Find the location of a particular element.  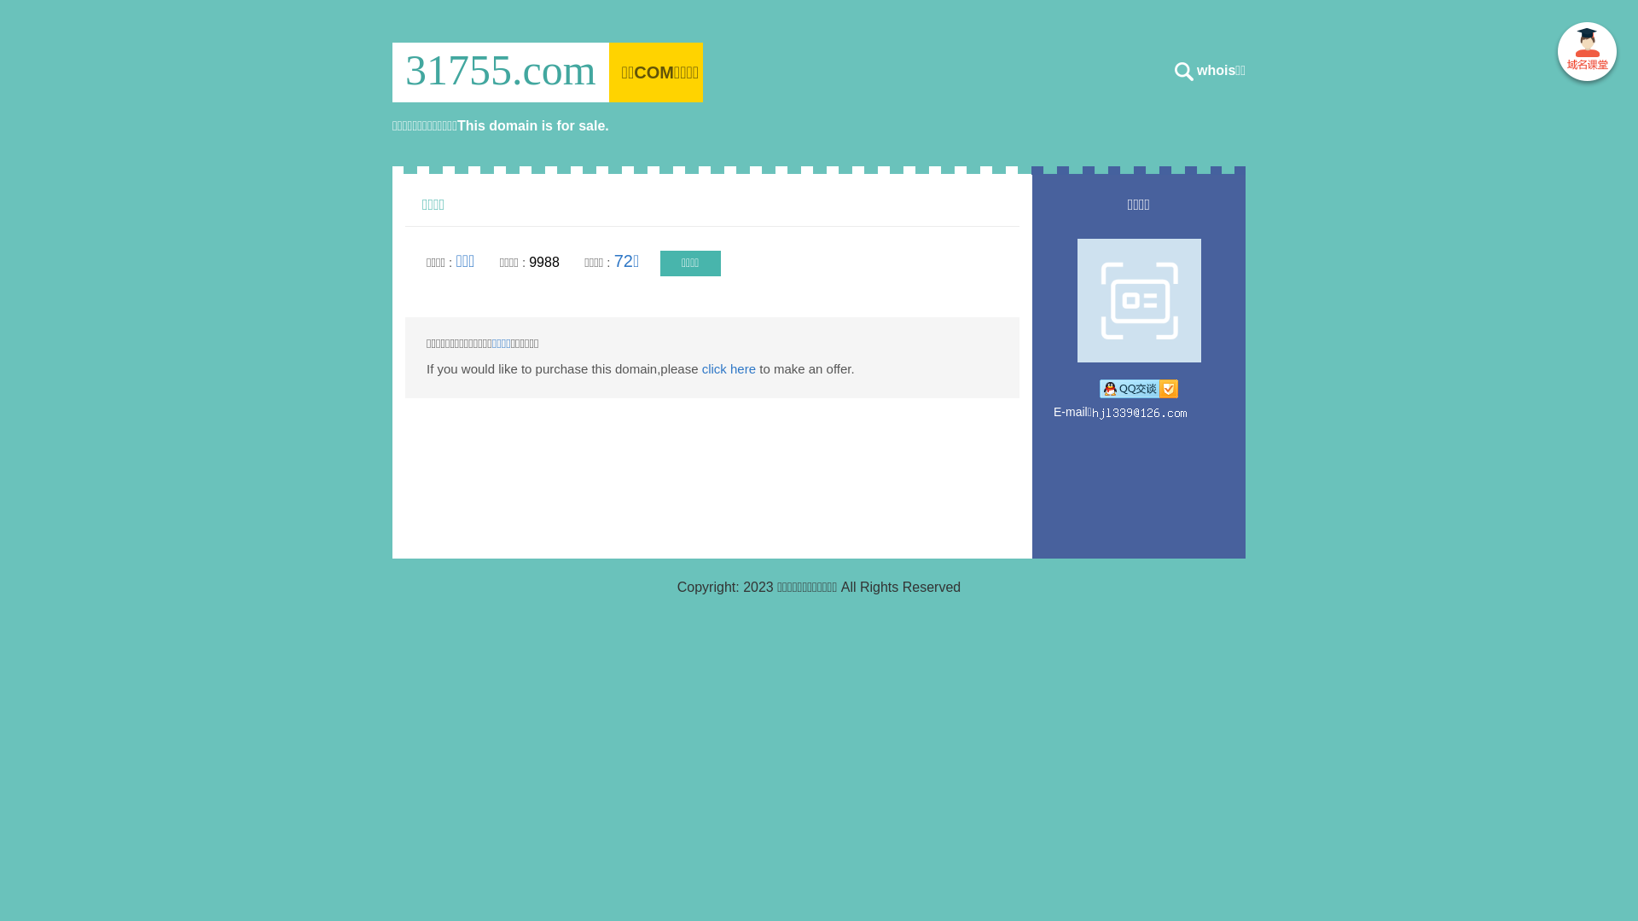

'click here' is located at coordinates (701, 368).